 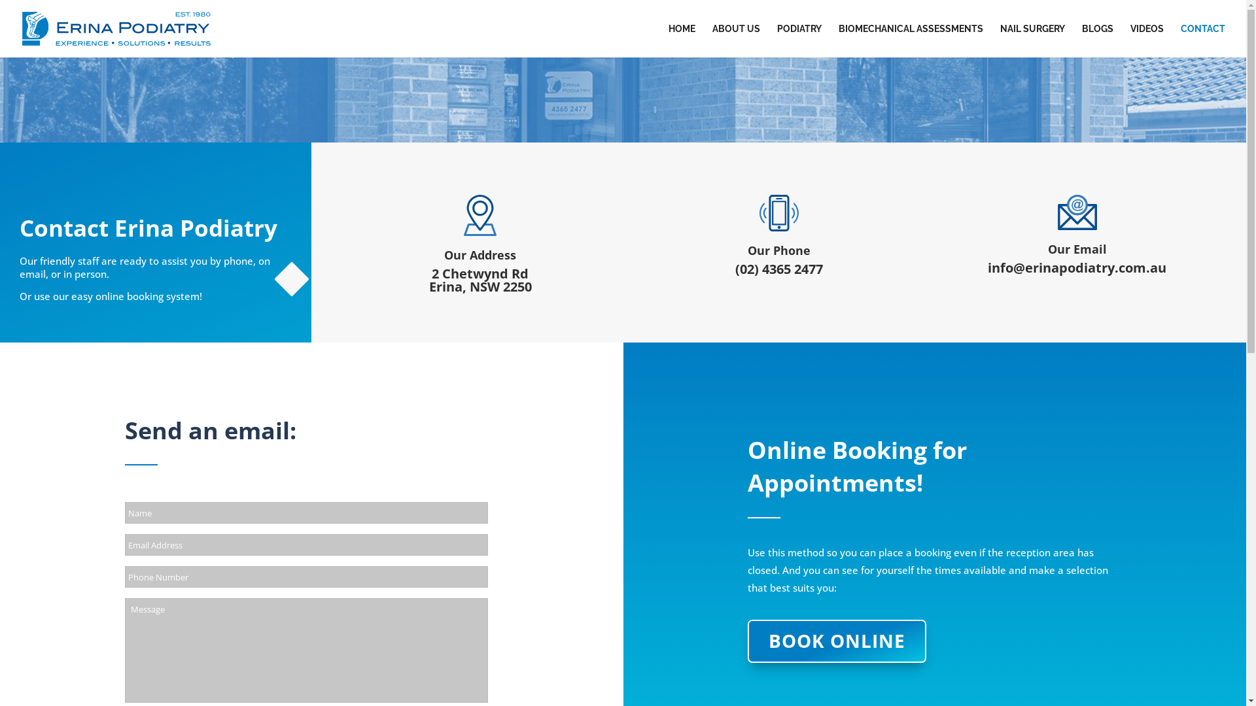 I want to click on 'HOME', so click(x=681, y=40).